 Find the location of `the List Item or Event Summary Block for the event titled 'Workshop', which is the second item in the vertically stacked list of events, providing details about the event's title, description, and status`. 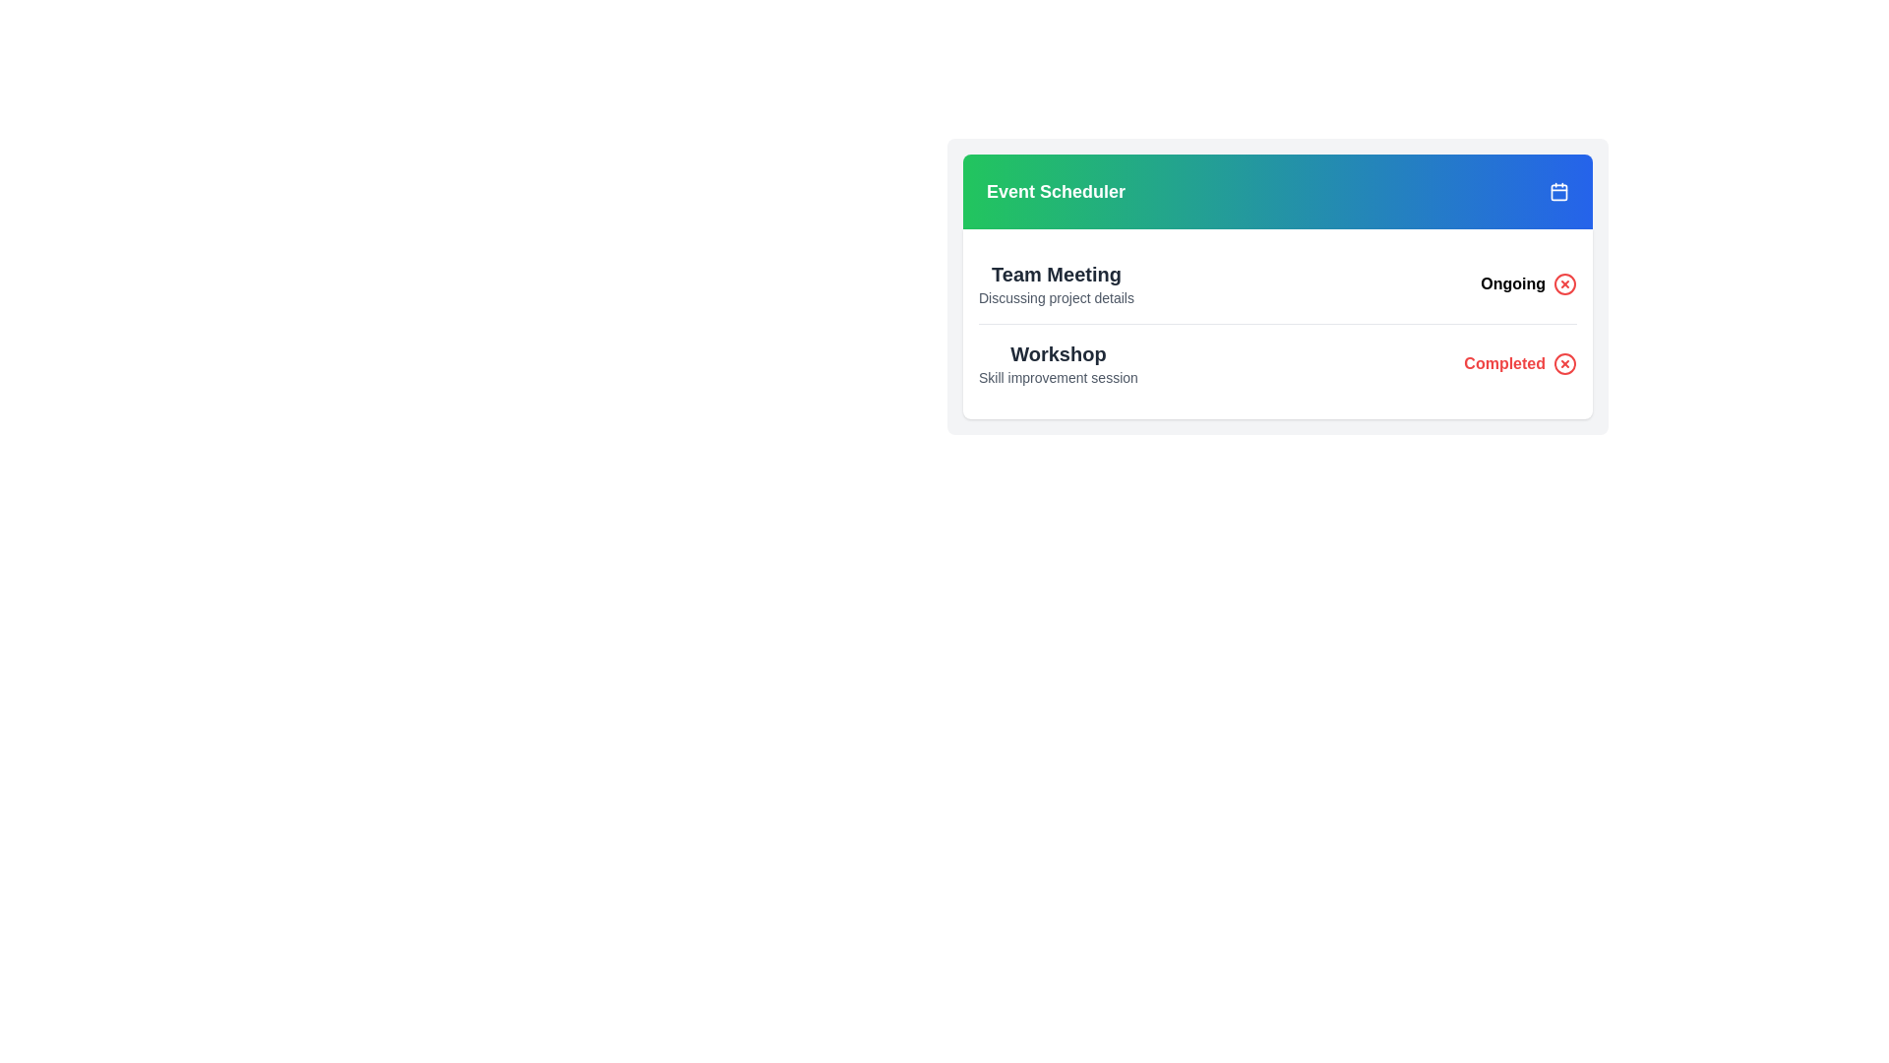

the List Item or Event Summary Block for the event titled 'Workshop', which is the second item in the vertically stacked list of events, providing details about the event's title, description, and status is located at coordinates (1278, 363).